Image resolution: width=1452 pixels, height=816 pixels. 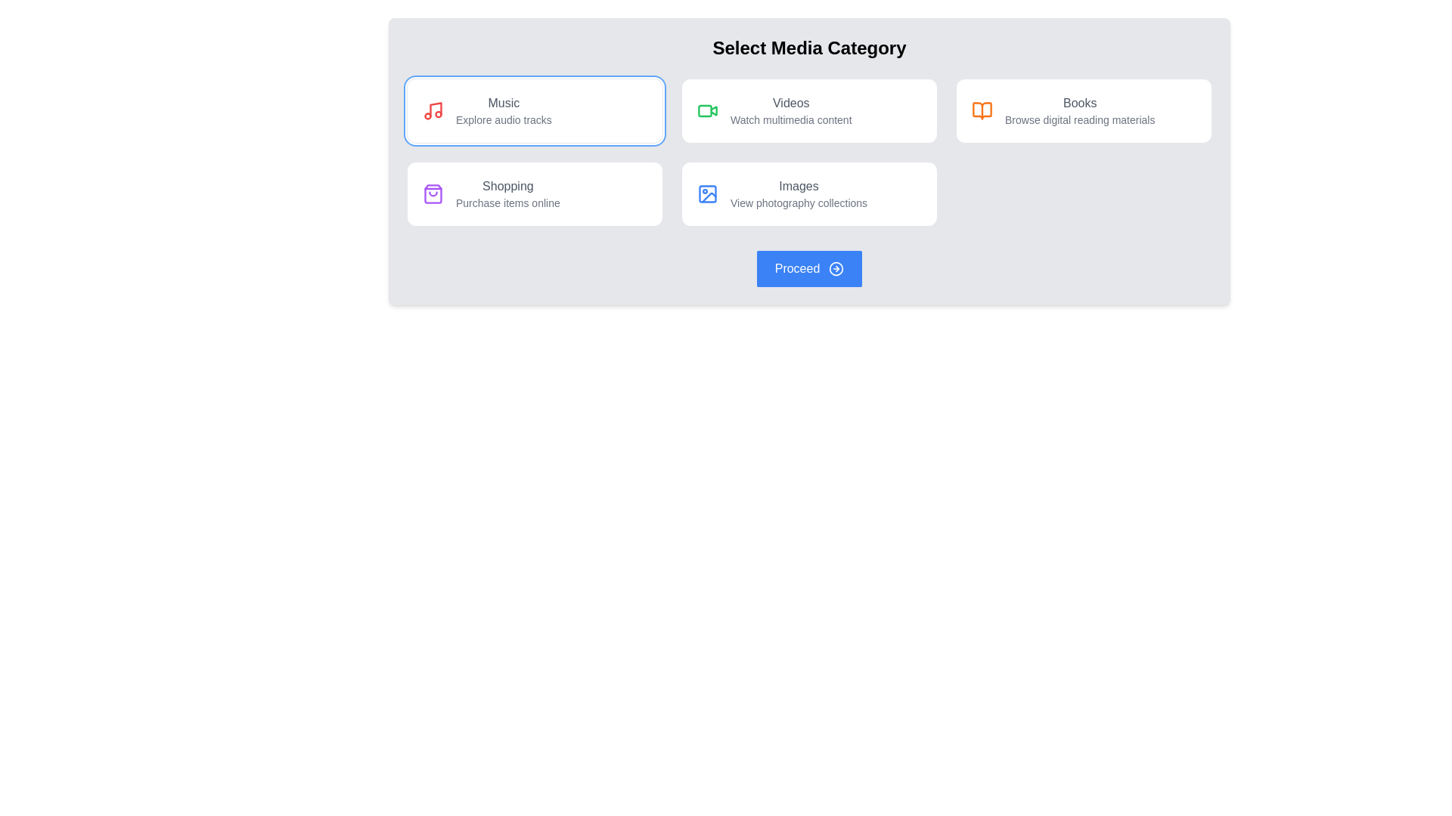 I want to click on the text label displaying 'View photography collections', which is located beneath the 'Images' label in the media category selection interface, so click(x=798, y=202).